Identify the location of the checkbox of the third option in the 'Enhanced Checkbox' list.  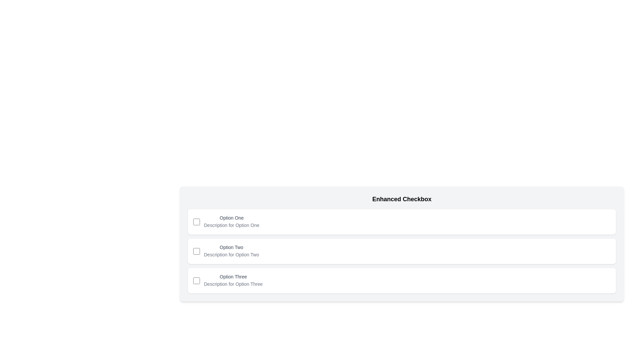
(401, 281).